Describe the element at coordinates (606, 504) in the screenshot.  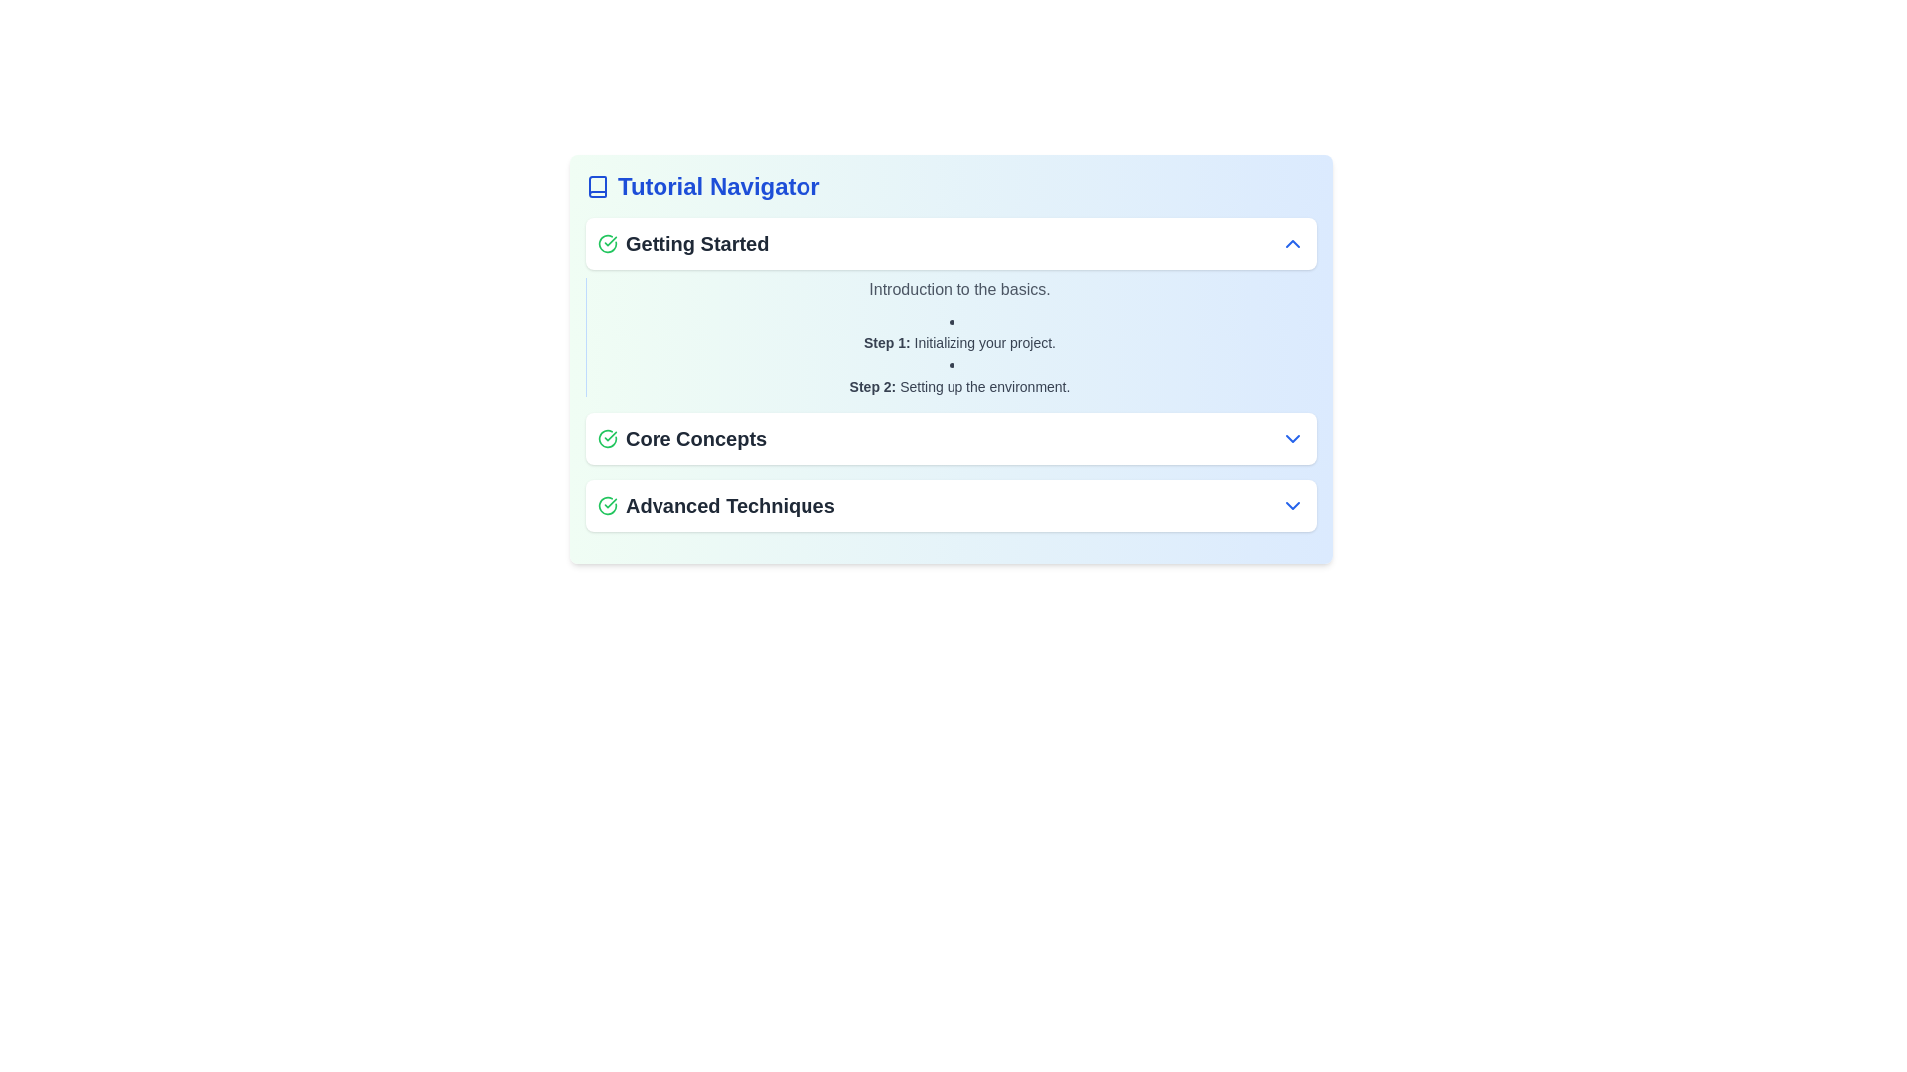
I see `the circular icon with a green outline and a checkmark inside, which is located to the left of the 'Advanced Techniques' text` at that location.